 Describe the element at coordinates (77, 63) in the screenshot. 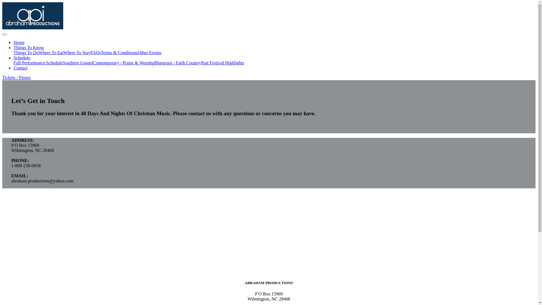

I see `'Southern Gospel'` at that location.